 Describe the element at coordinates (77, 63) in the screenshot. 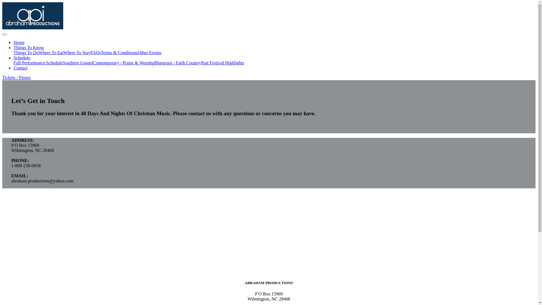

I see `'Southern Gospel'` at that location.